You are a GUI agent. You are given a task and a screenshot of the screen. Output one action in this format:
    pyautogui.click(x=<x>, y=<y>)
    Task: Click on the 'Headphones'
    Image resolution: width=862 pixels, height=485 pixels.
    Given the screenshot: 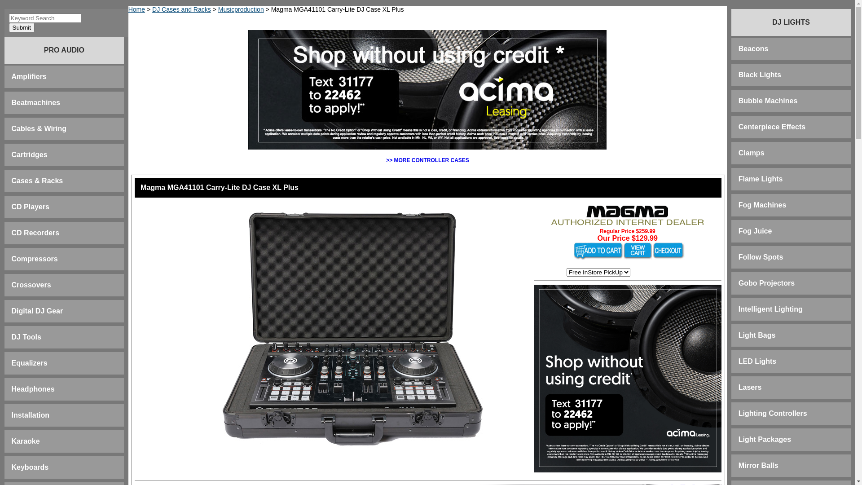 What is the action you would take?
    pyautogui.click(x=33, y=388)
    